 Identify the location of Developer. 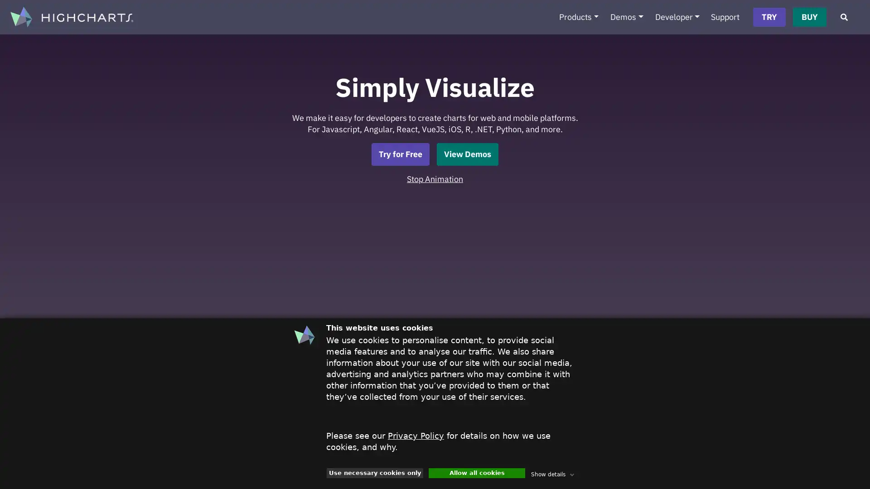
(677, 17).